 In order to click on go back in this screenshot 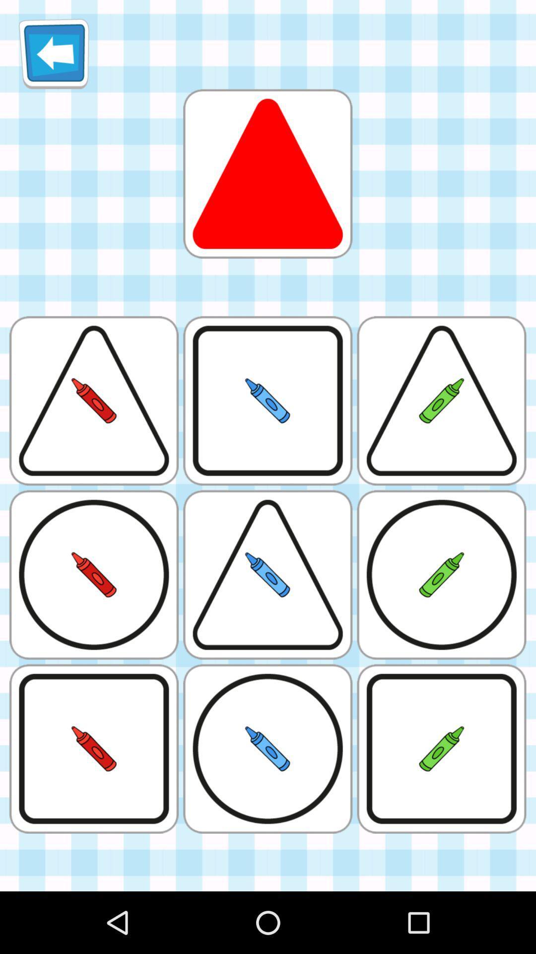, I will do `click(54, 53)`.